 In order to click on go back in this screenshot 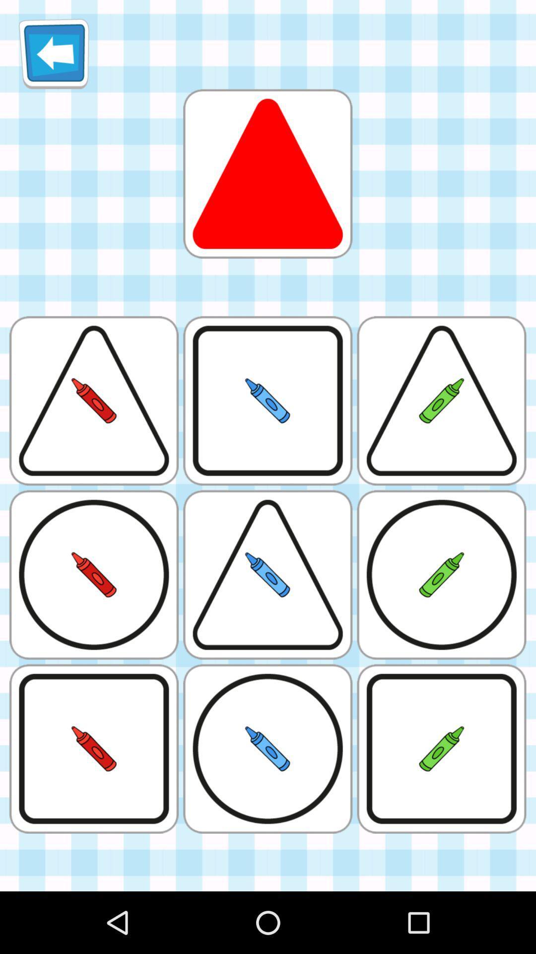, I will do `click(54, 53)`.